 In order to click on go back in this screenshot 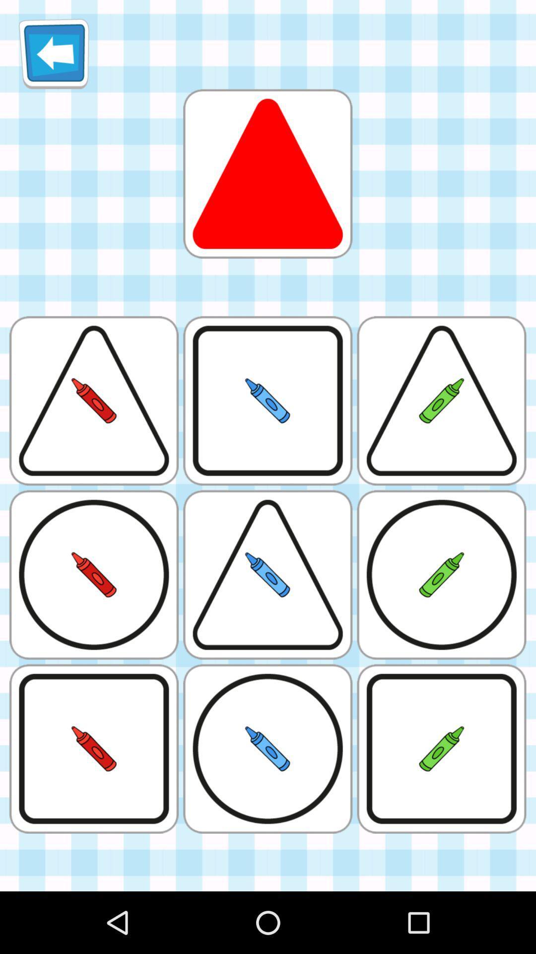, I will do `click(54, 53)`.